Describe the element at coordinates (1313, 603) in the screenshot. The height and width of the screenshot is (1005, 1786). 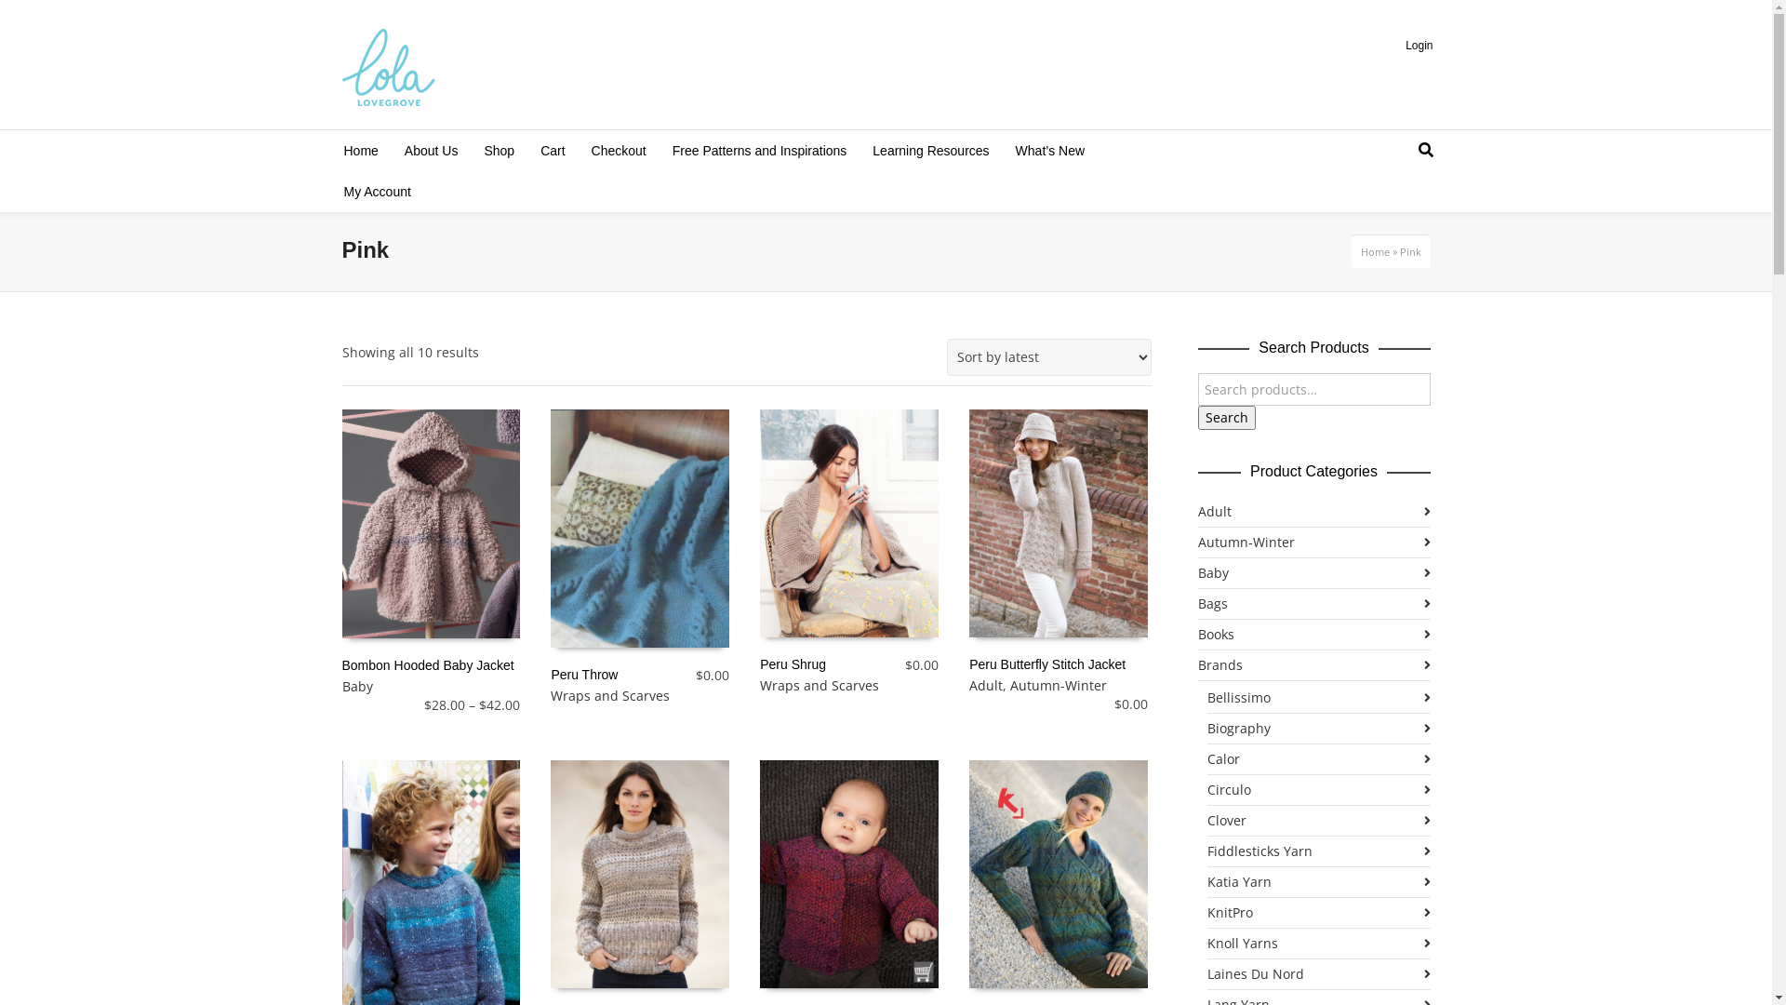
I see `'Bags'` at that location.